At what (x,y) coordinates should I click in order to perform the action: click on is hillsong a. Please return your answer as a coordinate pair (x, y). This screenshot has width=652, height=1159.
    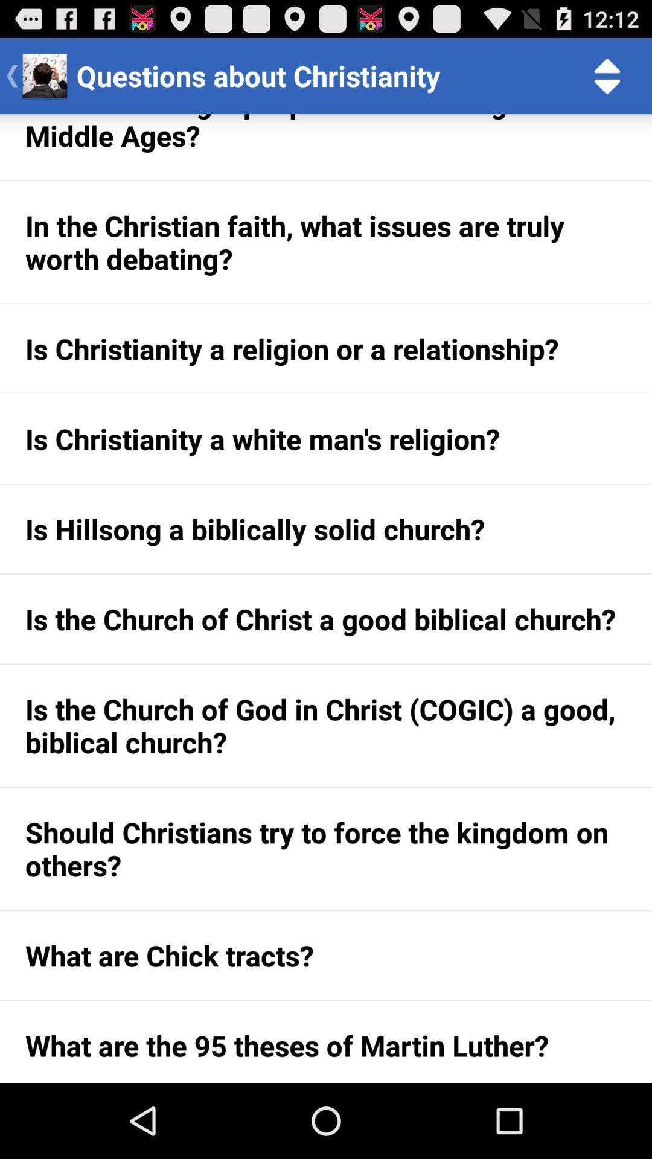
    Looking at the image, I should click on (326, 529).